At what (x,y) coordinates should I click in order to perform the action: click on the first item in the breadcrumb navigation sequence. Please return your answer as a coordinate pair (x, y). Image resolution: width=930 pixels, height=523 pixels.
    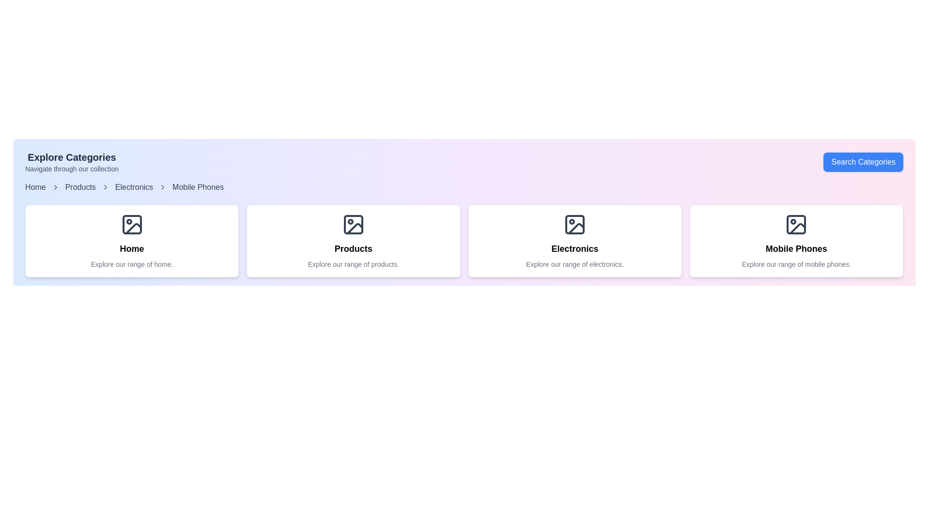
    Looking at the image, I should click on (35, 187).